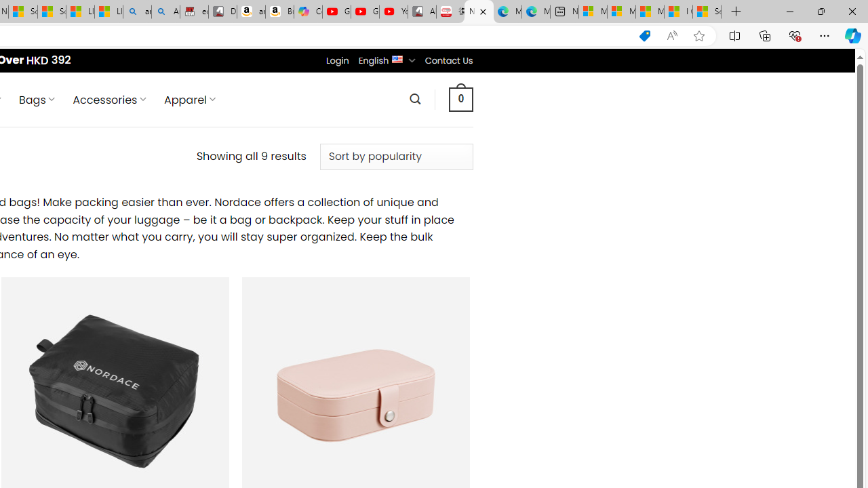 Image resolution: width=868 pixels, height=488 pixels. What do you see at coordinates (393, 12) in the screenshot?
I see `'YouTube Kids - An App Created for Kids to Explore Content'` at bounding box center [393, 12].